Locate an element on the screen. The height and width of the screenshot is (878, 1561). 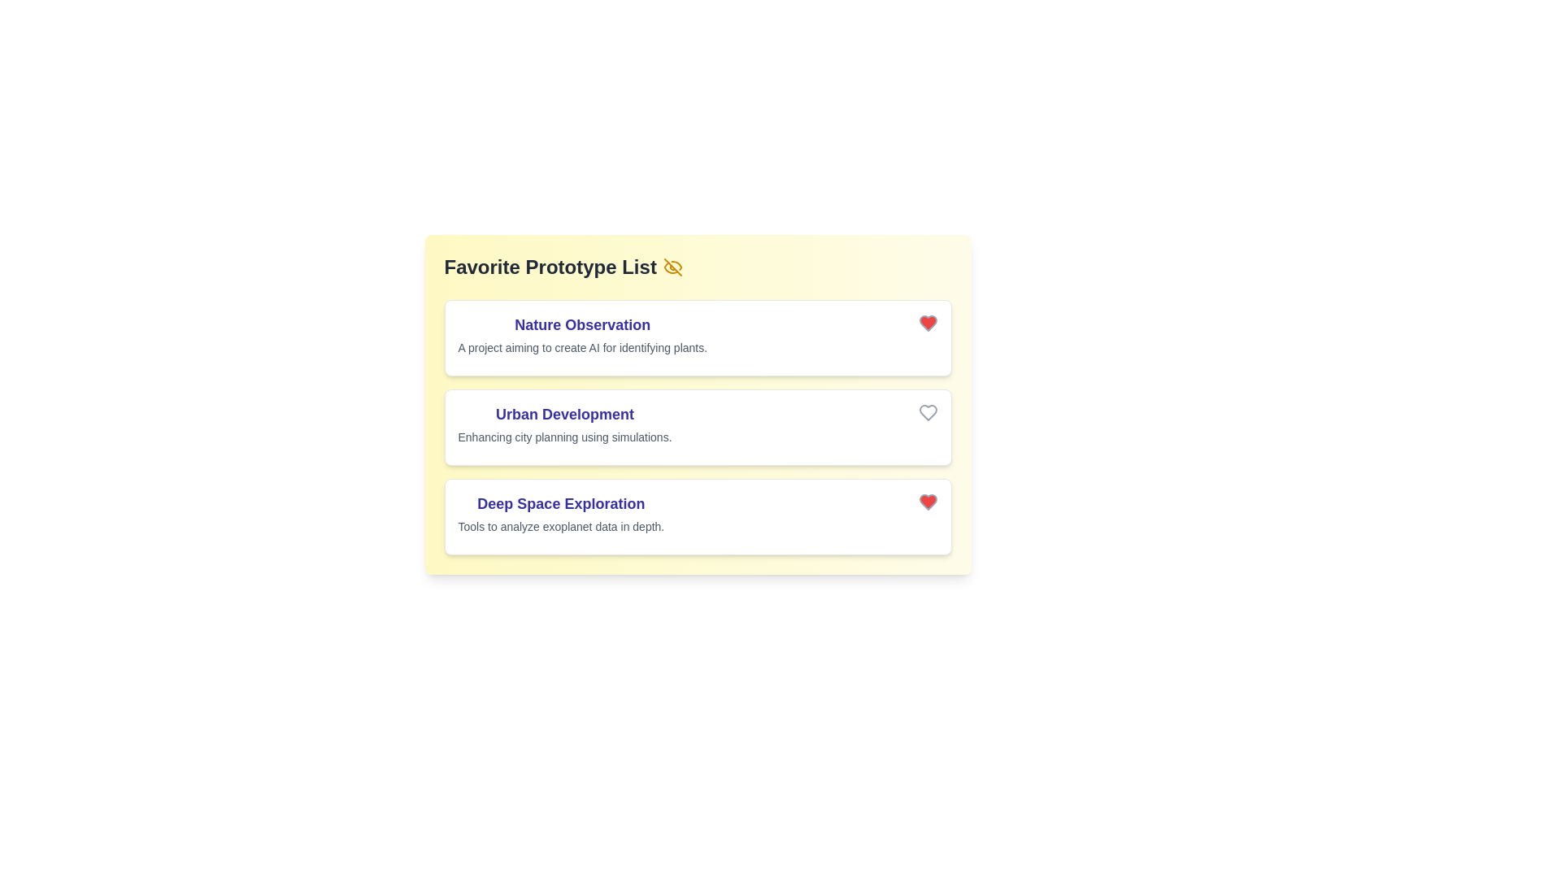
the list item corresponding to Deep Space Exploration is located at coordinates (698, 517).